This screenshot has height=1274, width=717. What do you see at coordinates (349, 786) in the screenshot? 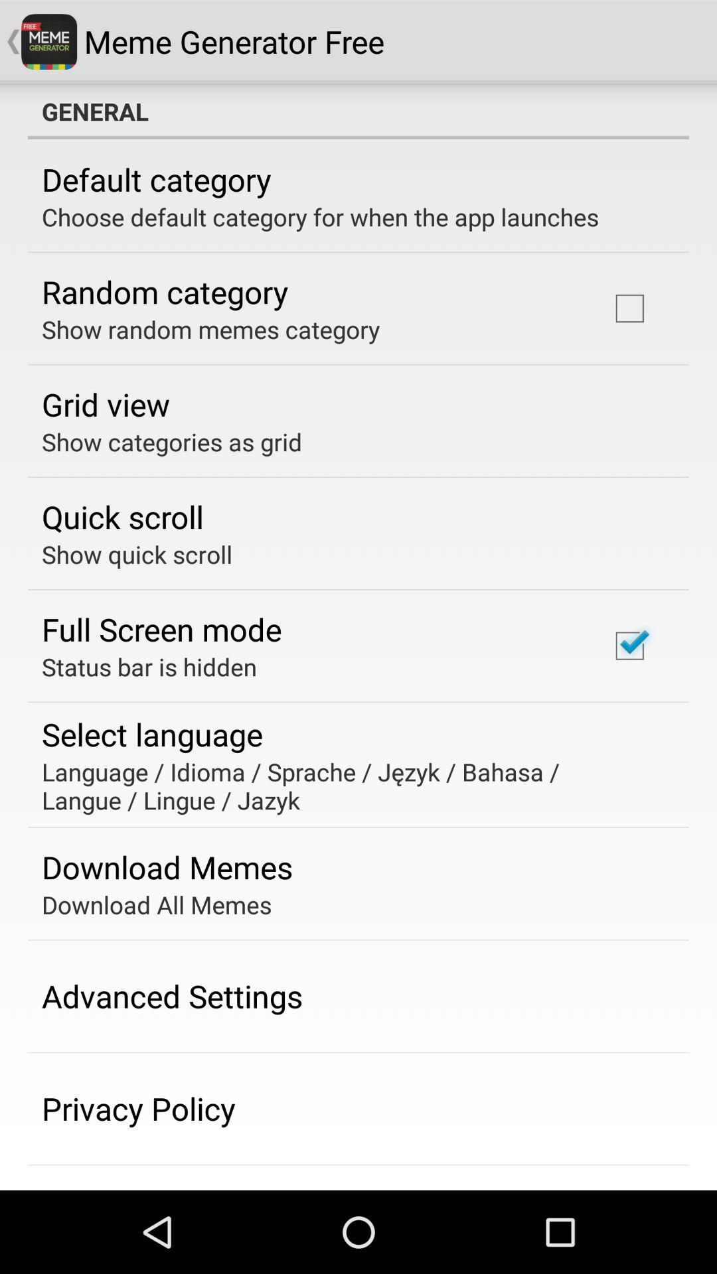
I see `the icon above download memes app` at bounding box center [349, 786].